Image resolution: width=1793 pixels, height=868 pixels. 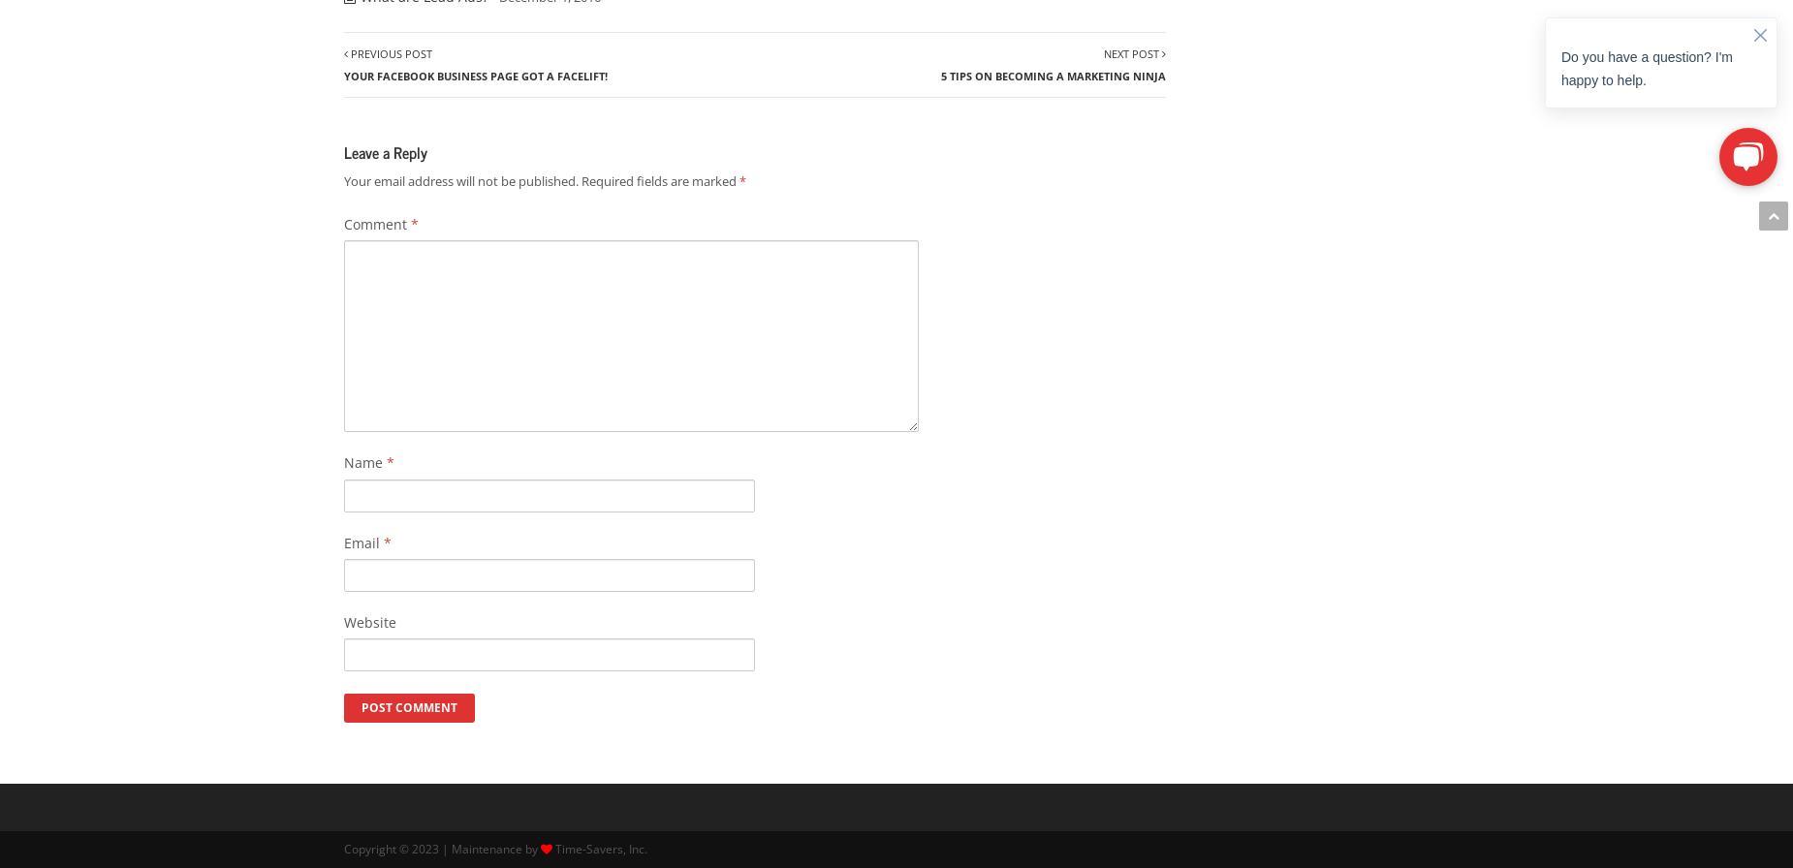 I want to click on 'Email', so click(x=362, y=542).